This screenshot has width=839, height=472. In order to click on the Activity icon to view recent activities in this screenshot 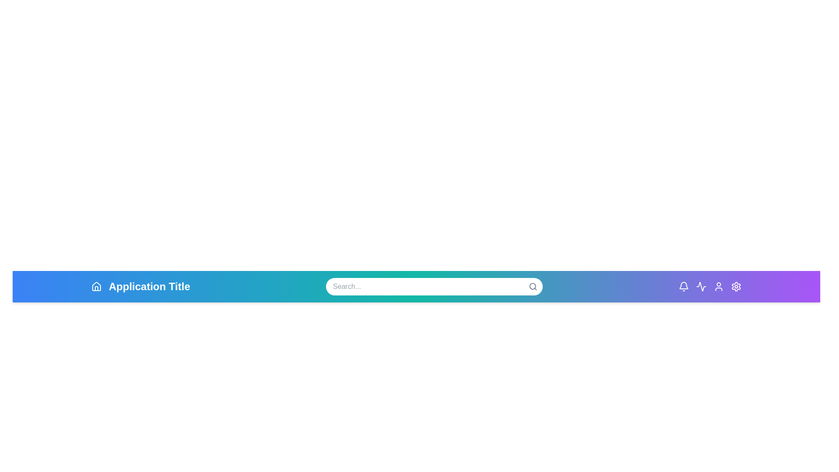, I will do `click(701, 286)`.